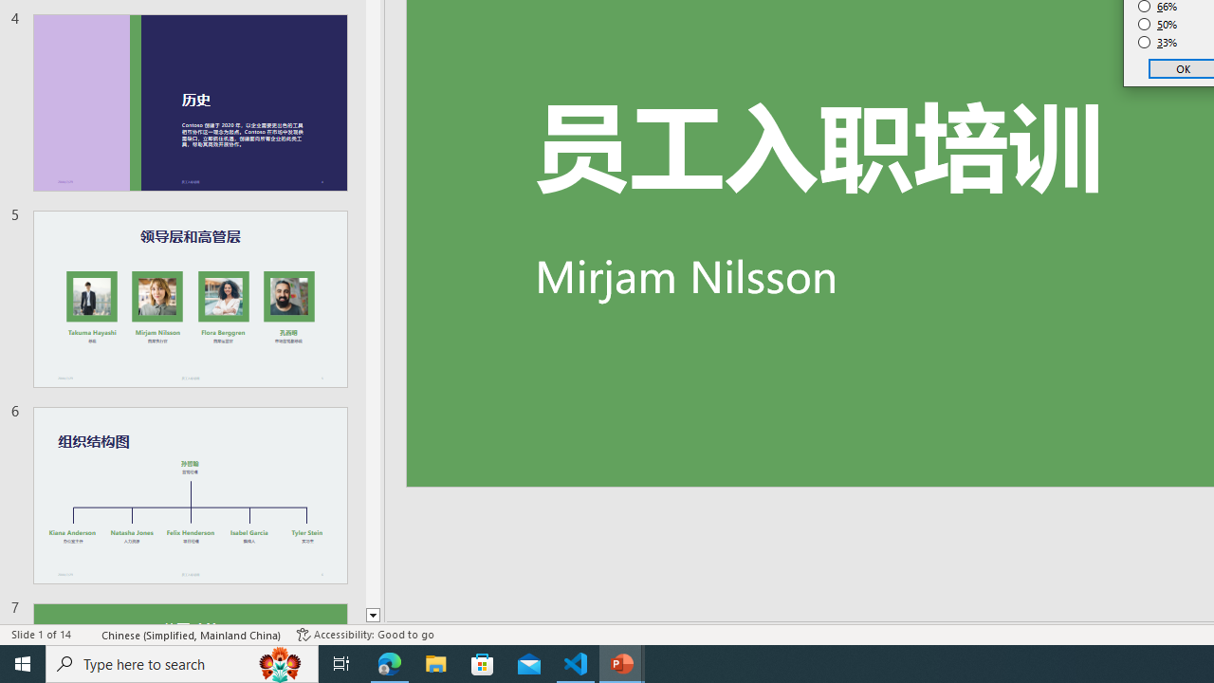 This screenshot has width=1214, height=683. What do you see at coordinates (1157, 43) in the screenshot?
I see `'33%'` at bounding box center [1157, 43].